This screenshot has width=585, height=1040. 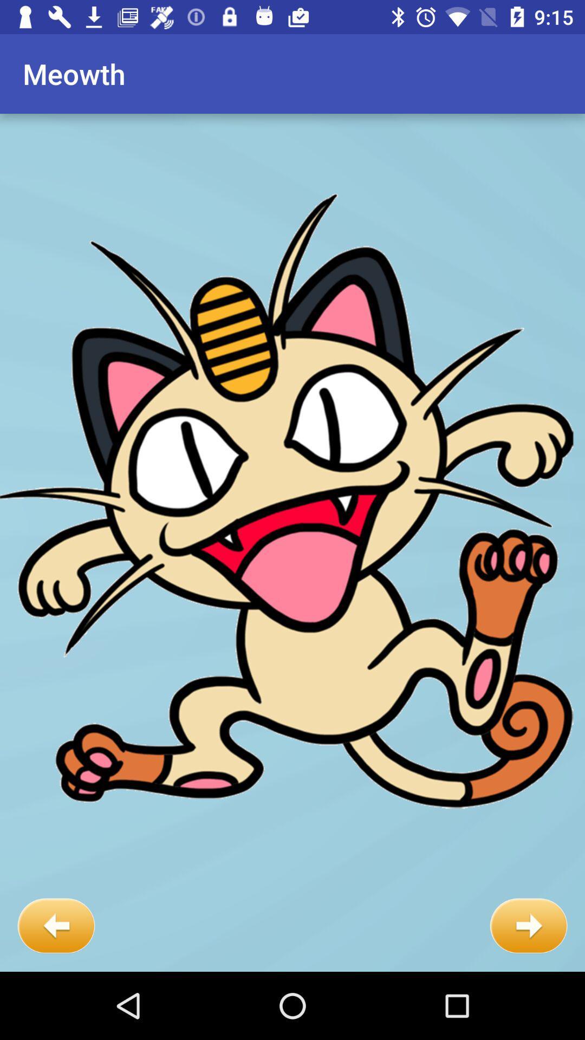 I want to click on item at the bottom right corner, so click(x=528, y=925).